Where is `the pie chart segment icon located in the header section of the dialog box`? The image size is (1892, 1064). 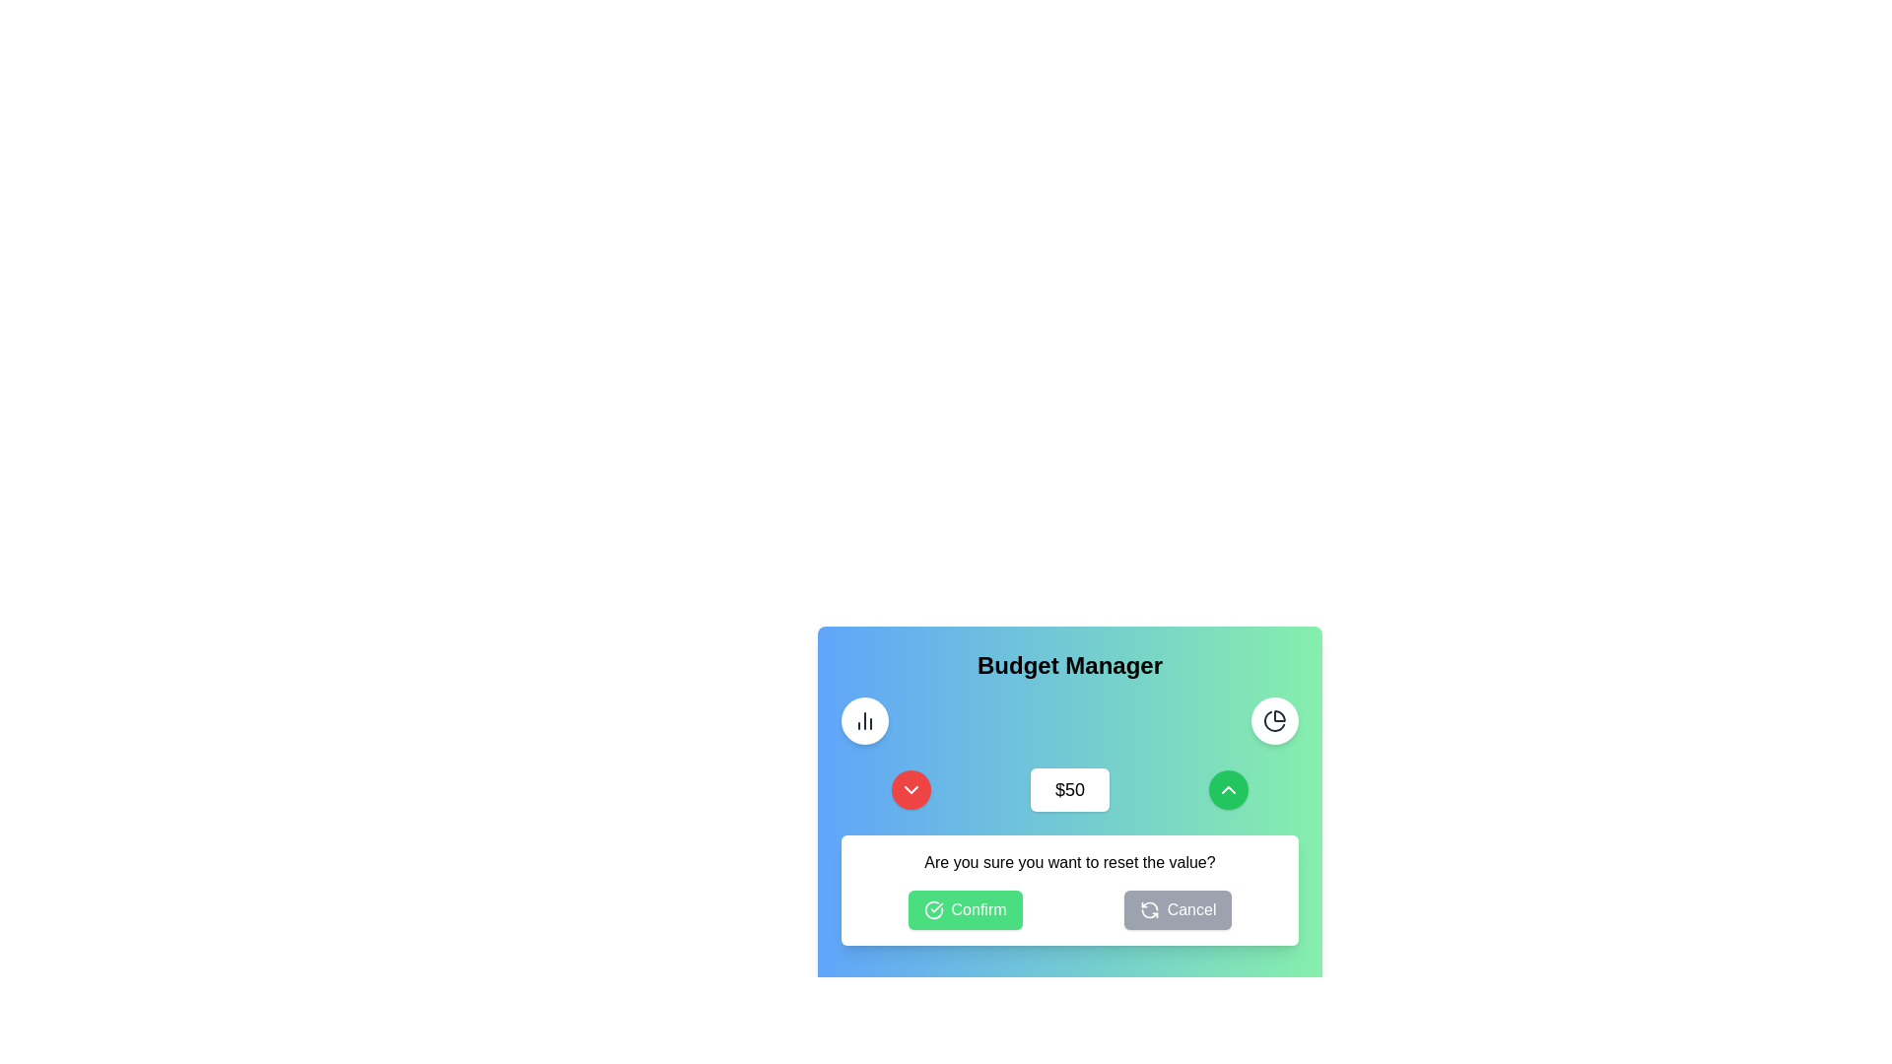
the pie chart segment icon located in the header section of the dialog box is located at coordinates (1274, 721).